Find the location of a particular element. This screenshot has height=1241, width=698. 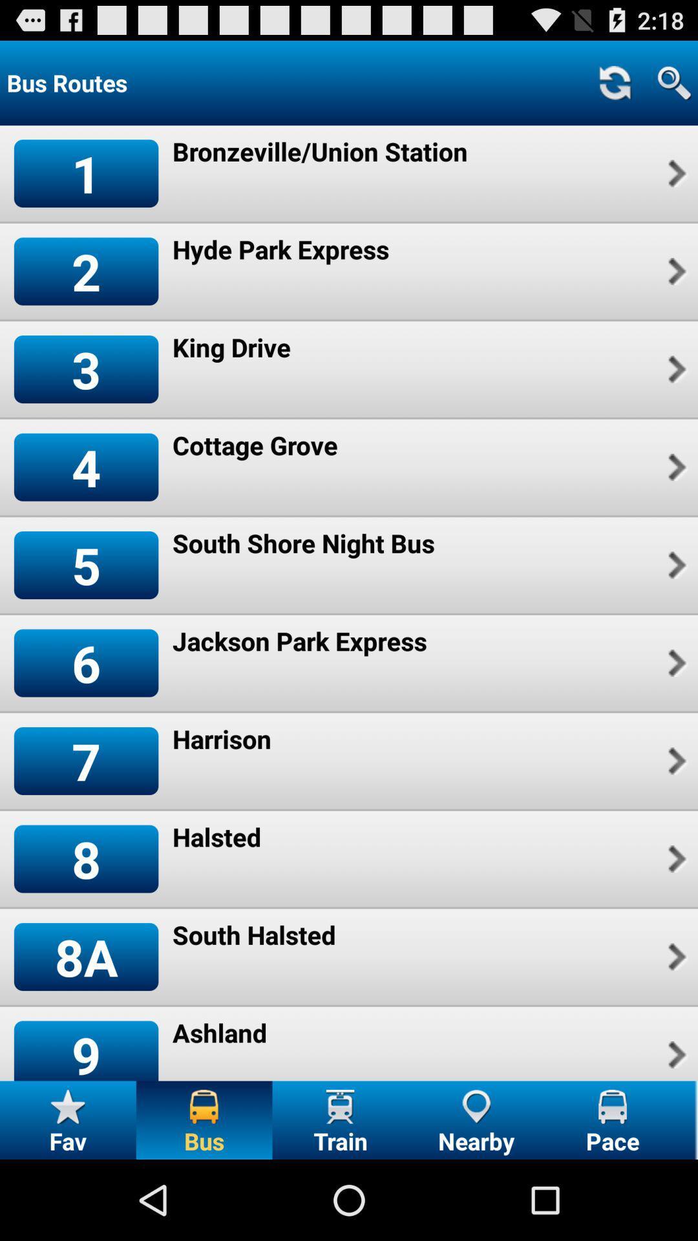

item next to the 9 is located at coordinates (219, 1032).